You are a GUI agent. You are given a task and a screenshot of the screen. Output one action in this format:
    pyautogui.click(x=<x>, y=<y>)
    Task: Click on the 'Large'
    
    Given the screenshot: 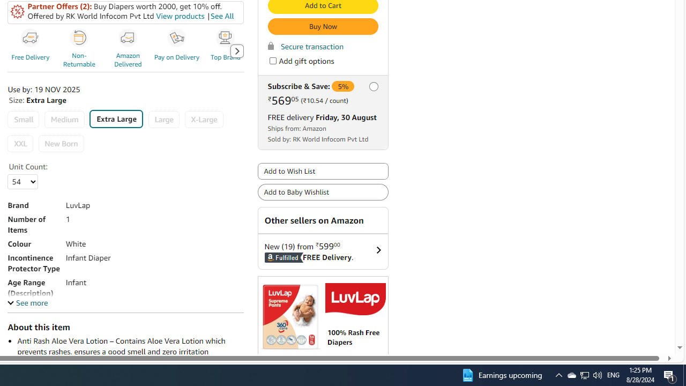 What is the action you would take?
    pyautogui.click(x=163, y=120)
    